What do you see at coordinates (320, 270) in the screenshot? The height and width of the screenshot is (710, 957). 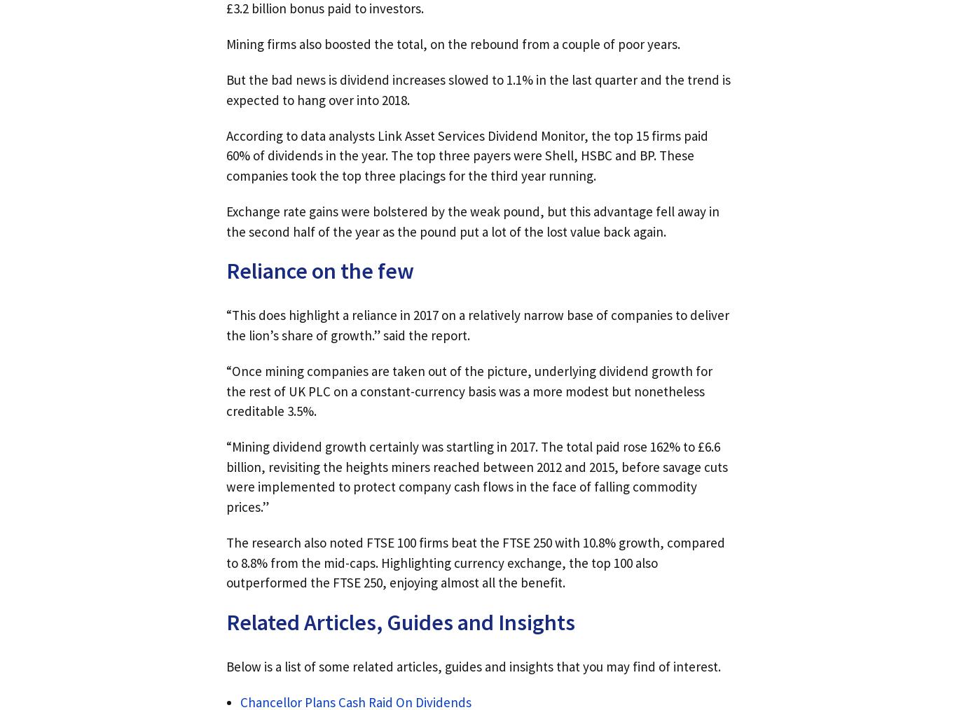 I see `'Reliance on the few'` at bounding box center [320, 270].